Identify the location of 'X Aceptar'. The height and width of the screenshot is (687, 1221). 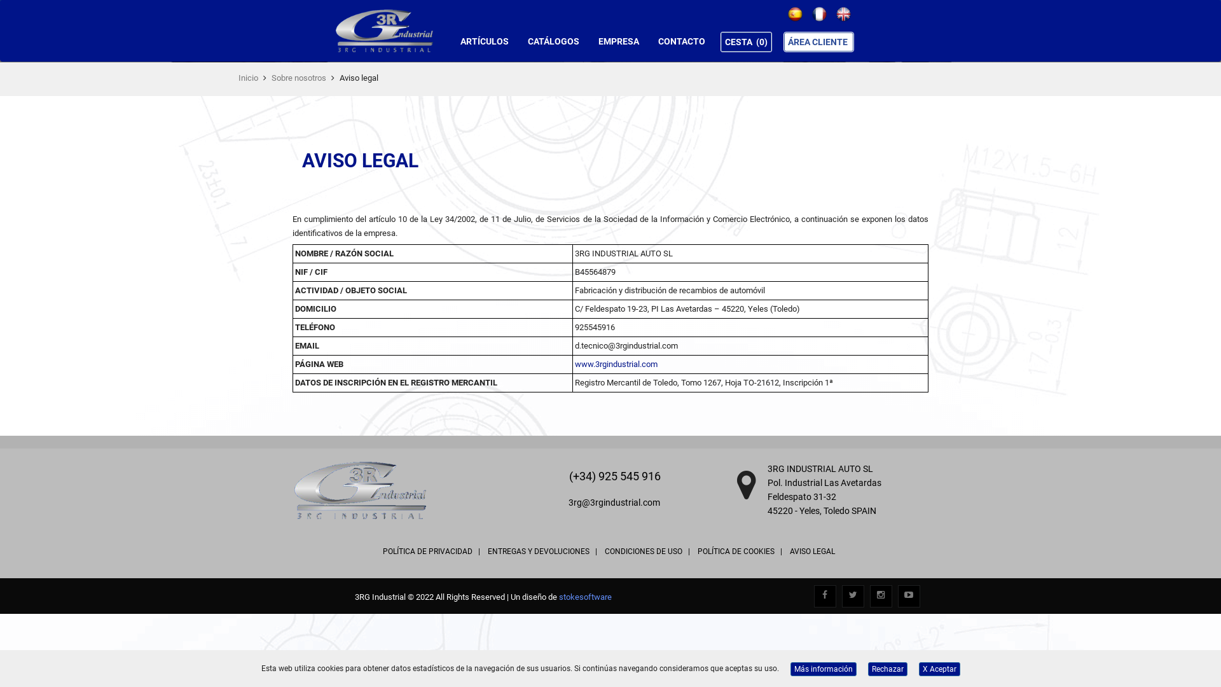
(939, 669).